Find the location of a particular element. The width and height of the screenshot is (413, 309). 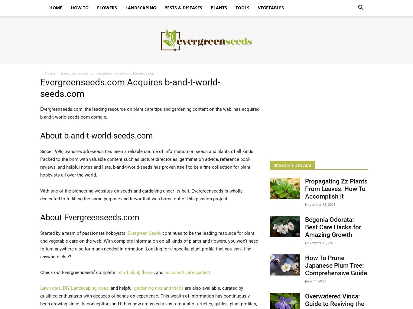

'How To Prune Japanese Plum Tree: Comprehensive Guide' is located at coordinates (305, 266).